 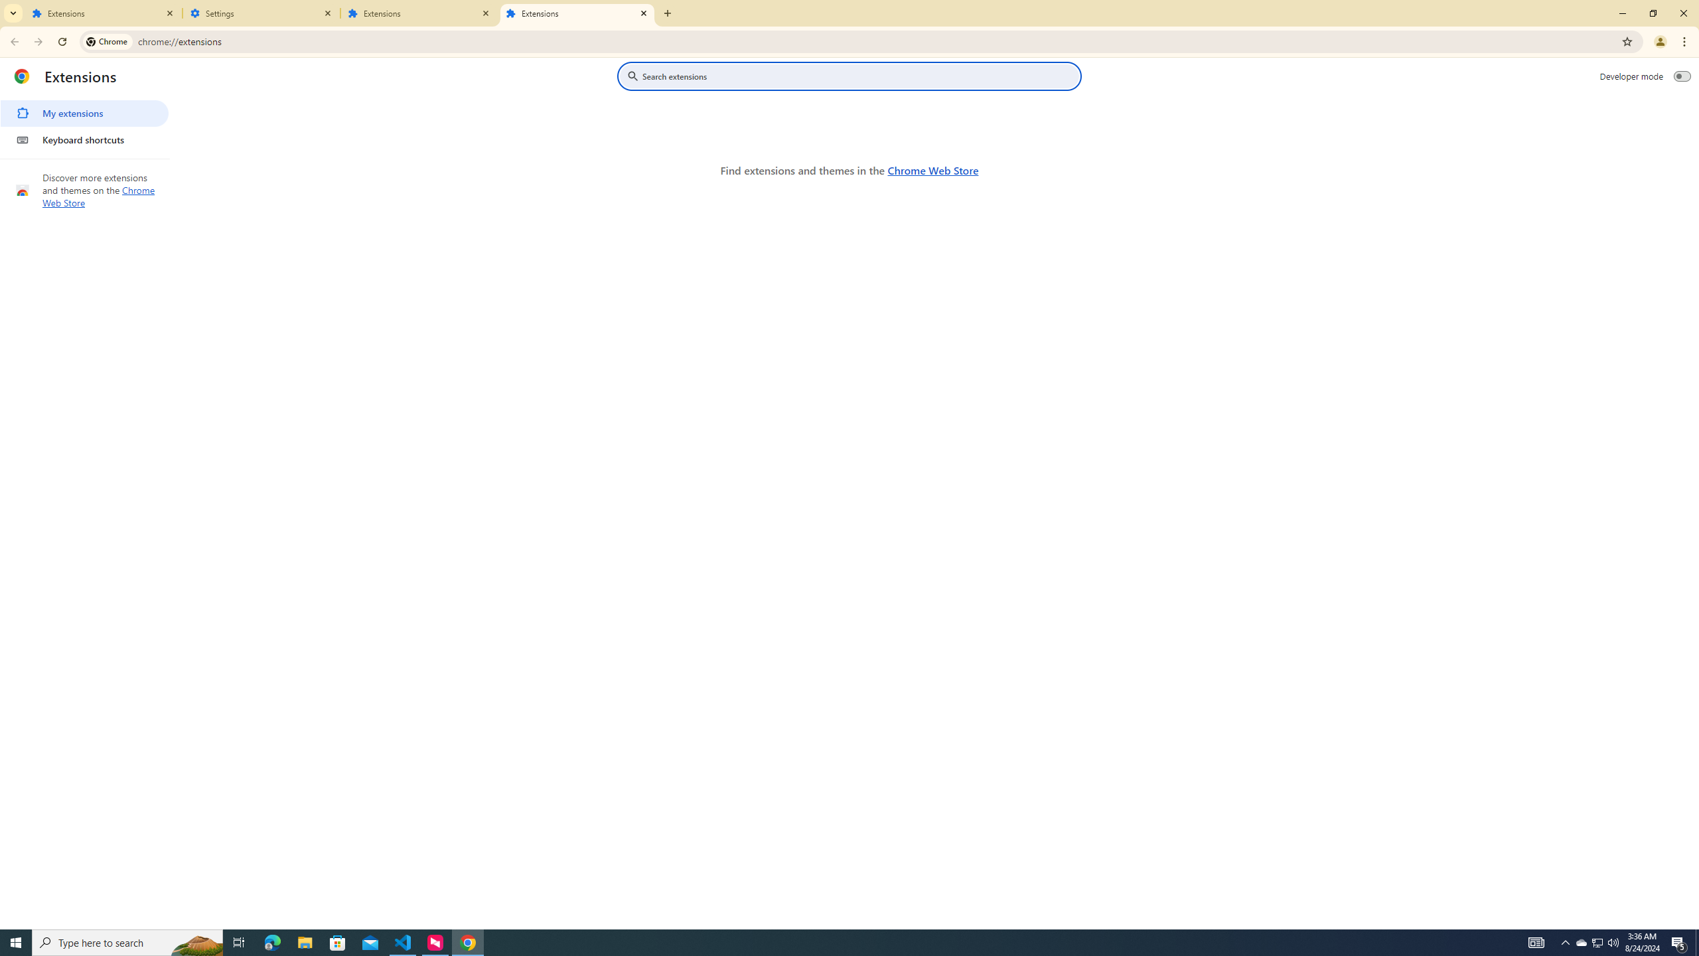 I want to click on 'Developer mode', so click(x=1682, y=76).